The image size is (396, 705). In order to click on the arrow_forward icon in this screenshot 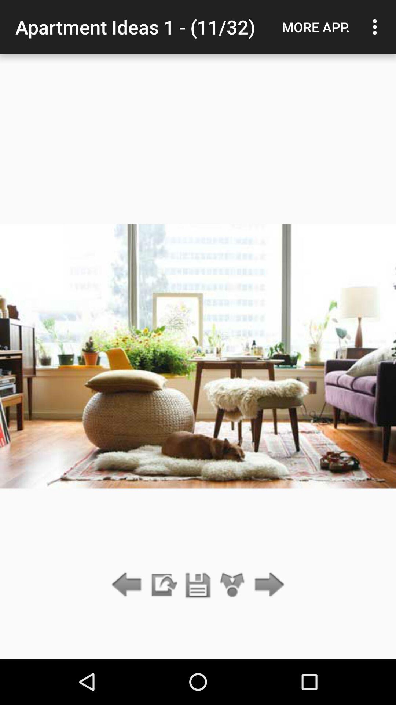, I will do `click(267, 585)`.